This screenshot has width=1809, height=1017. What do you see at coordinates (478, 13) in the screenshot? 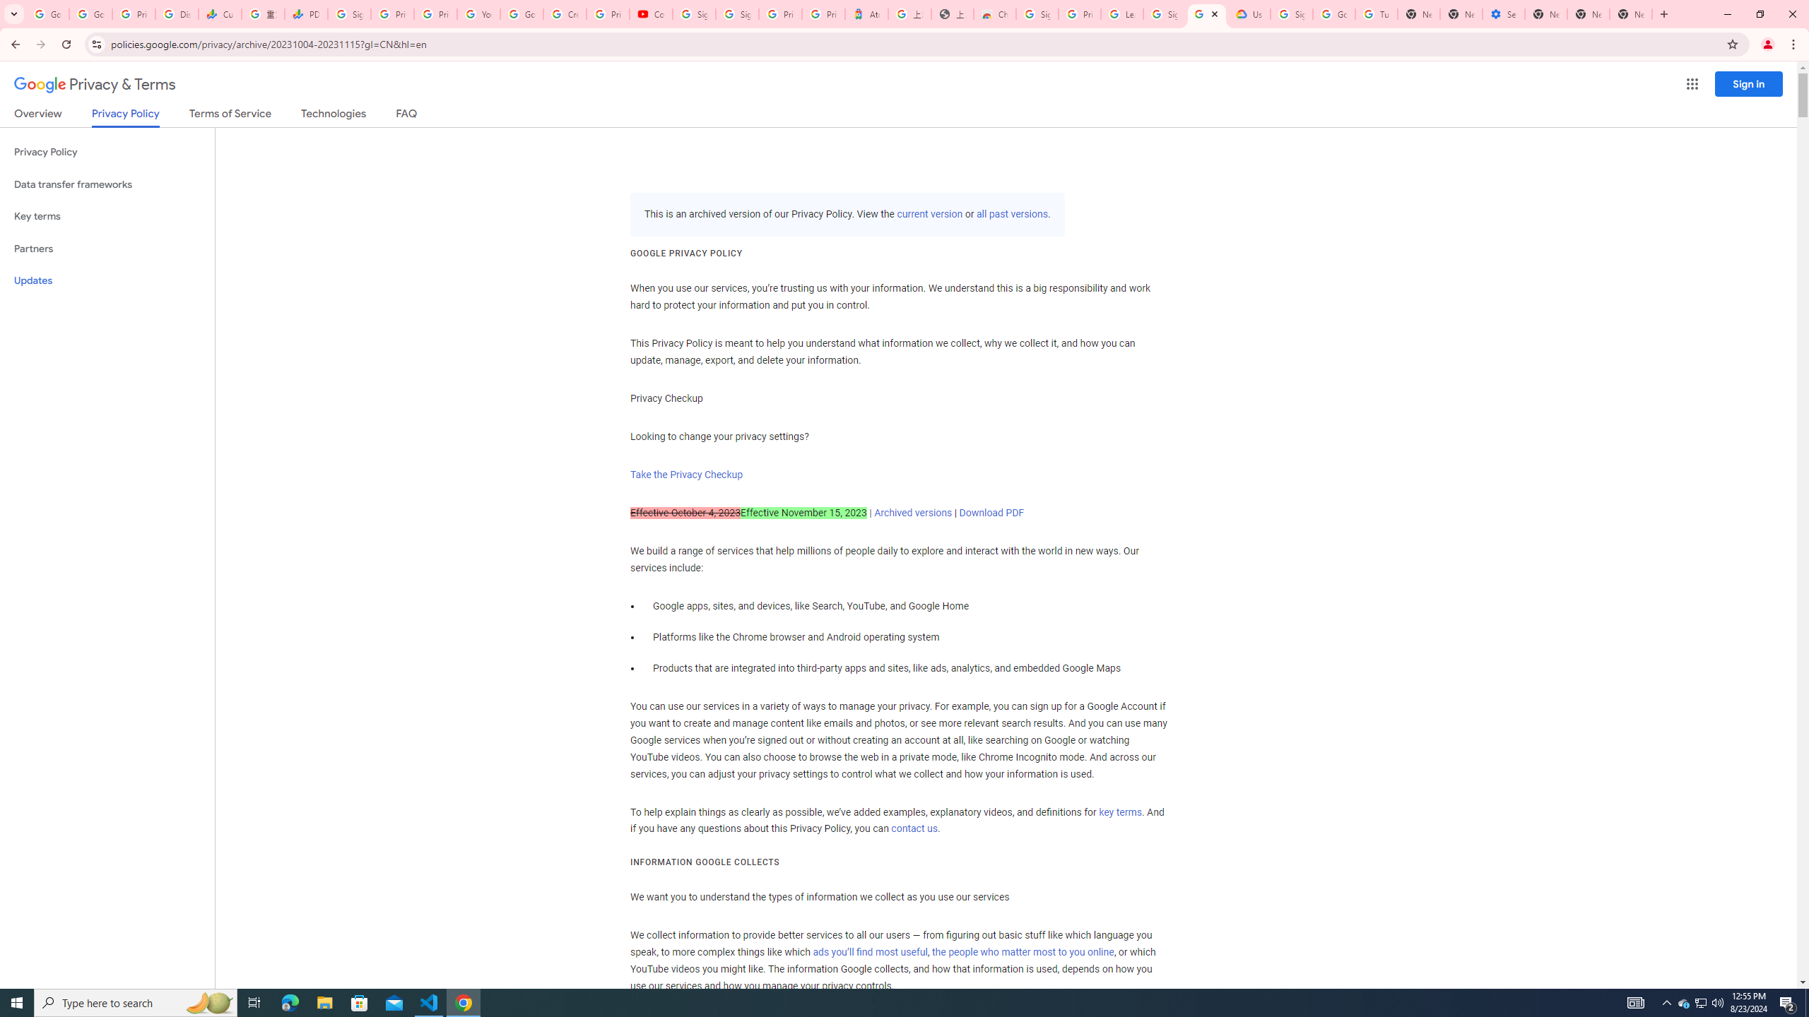
I see `'YouTube'` at bounding box center [478, 13].